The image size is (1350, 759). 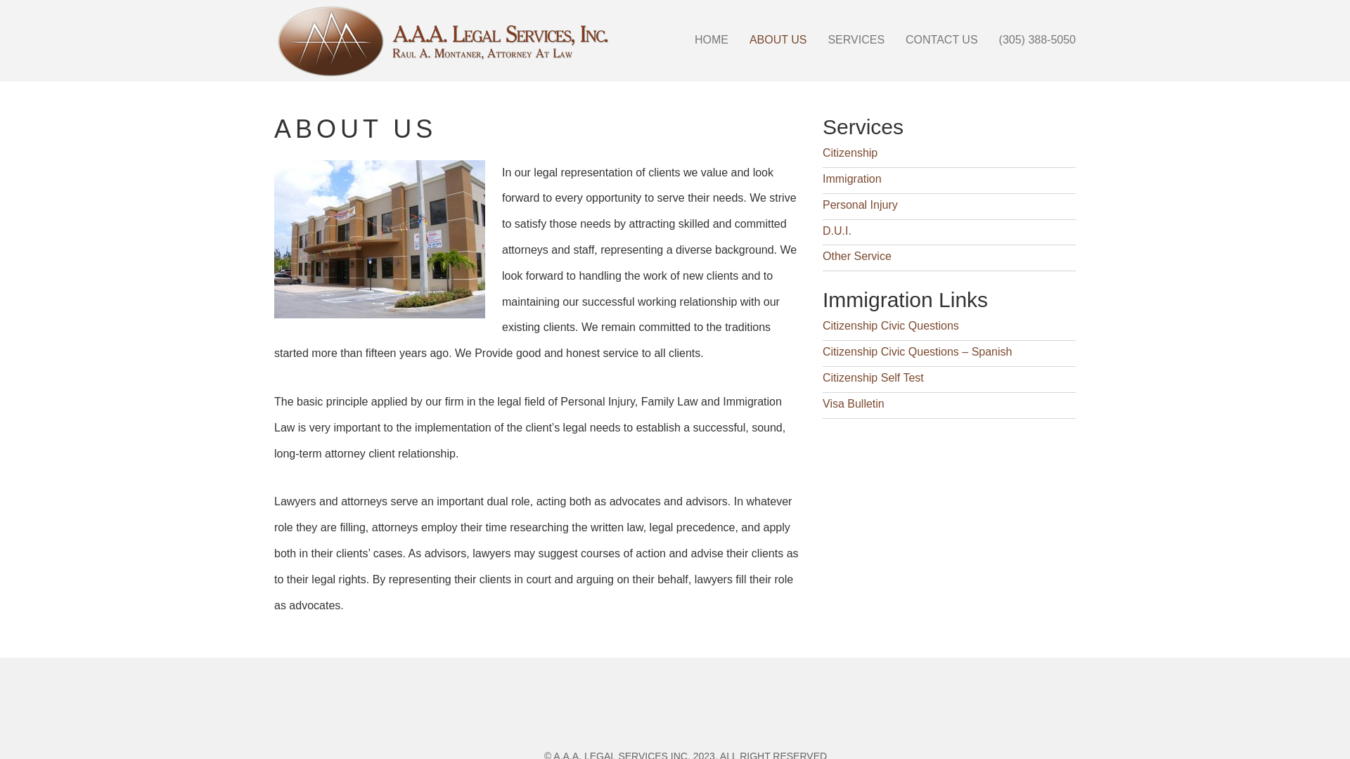 I want to click on 'ABOUT US', so click(x=778, y=39).